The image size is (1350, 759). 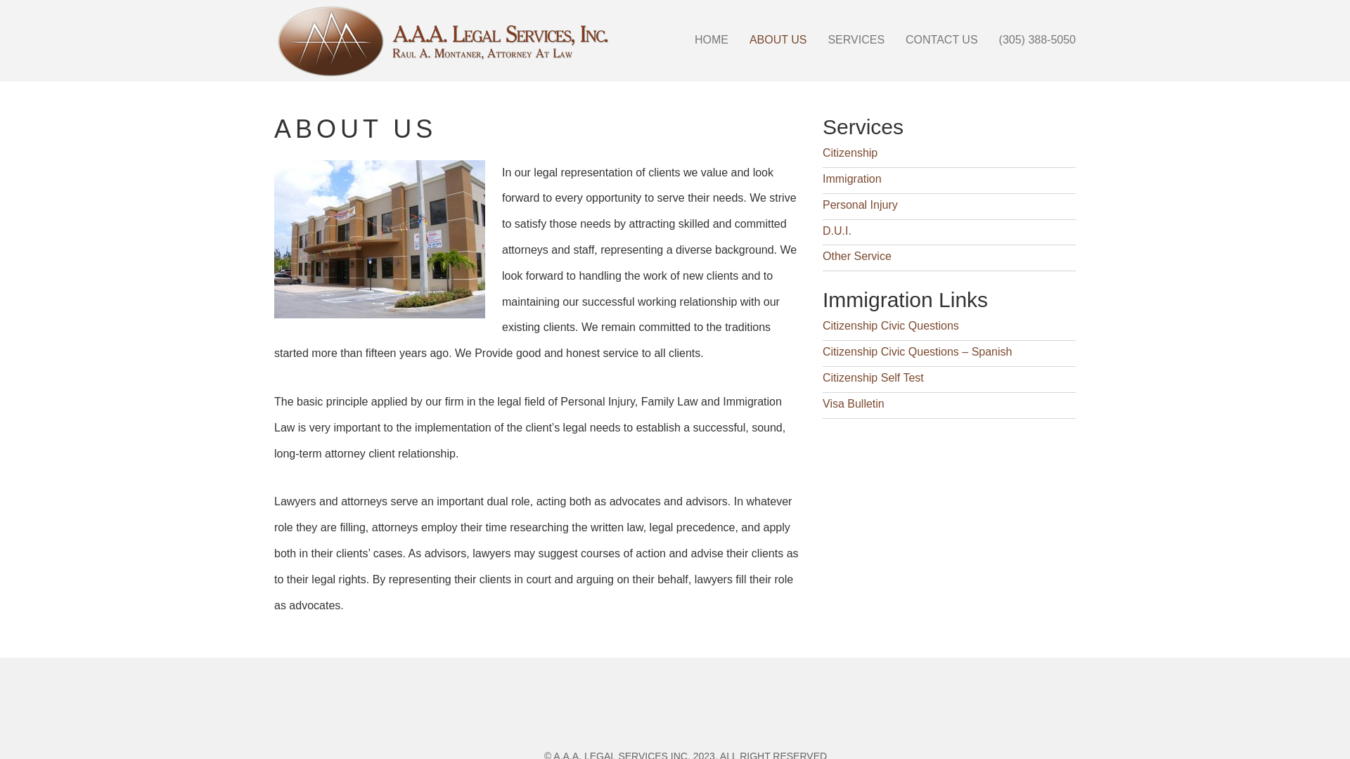 I want to click on 'ABOUT US', so click(x=778, y=39).